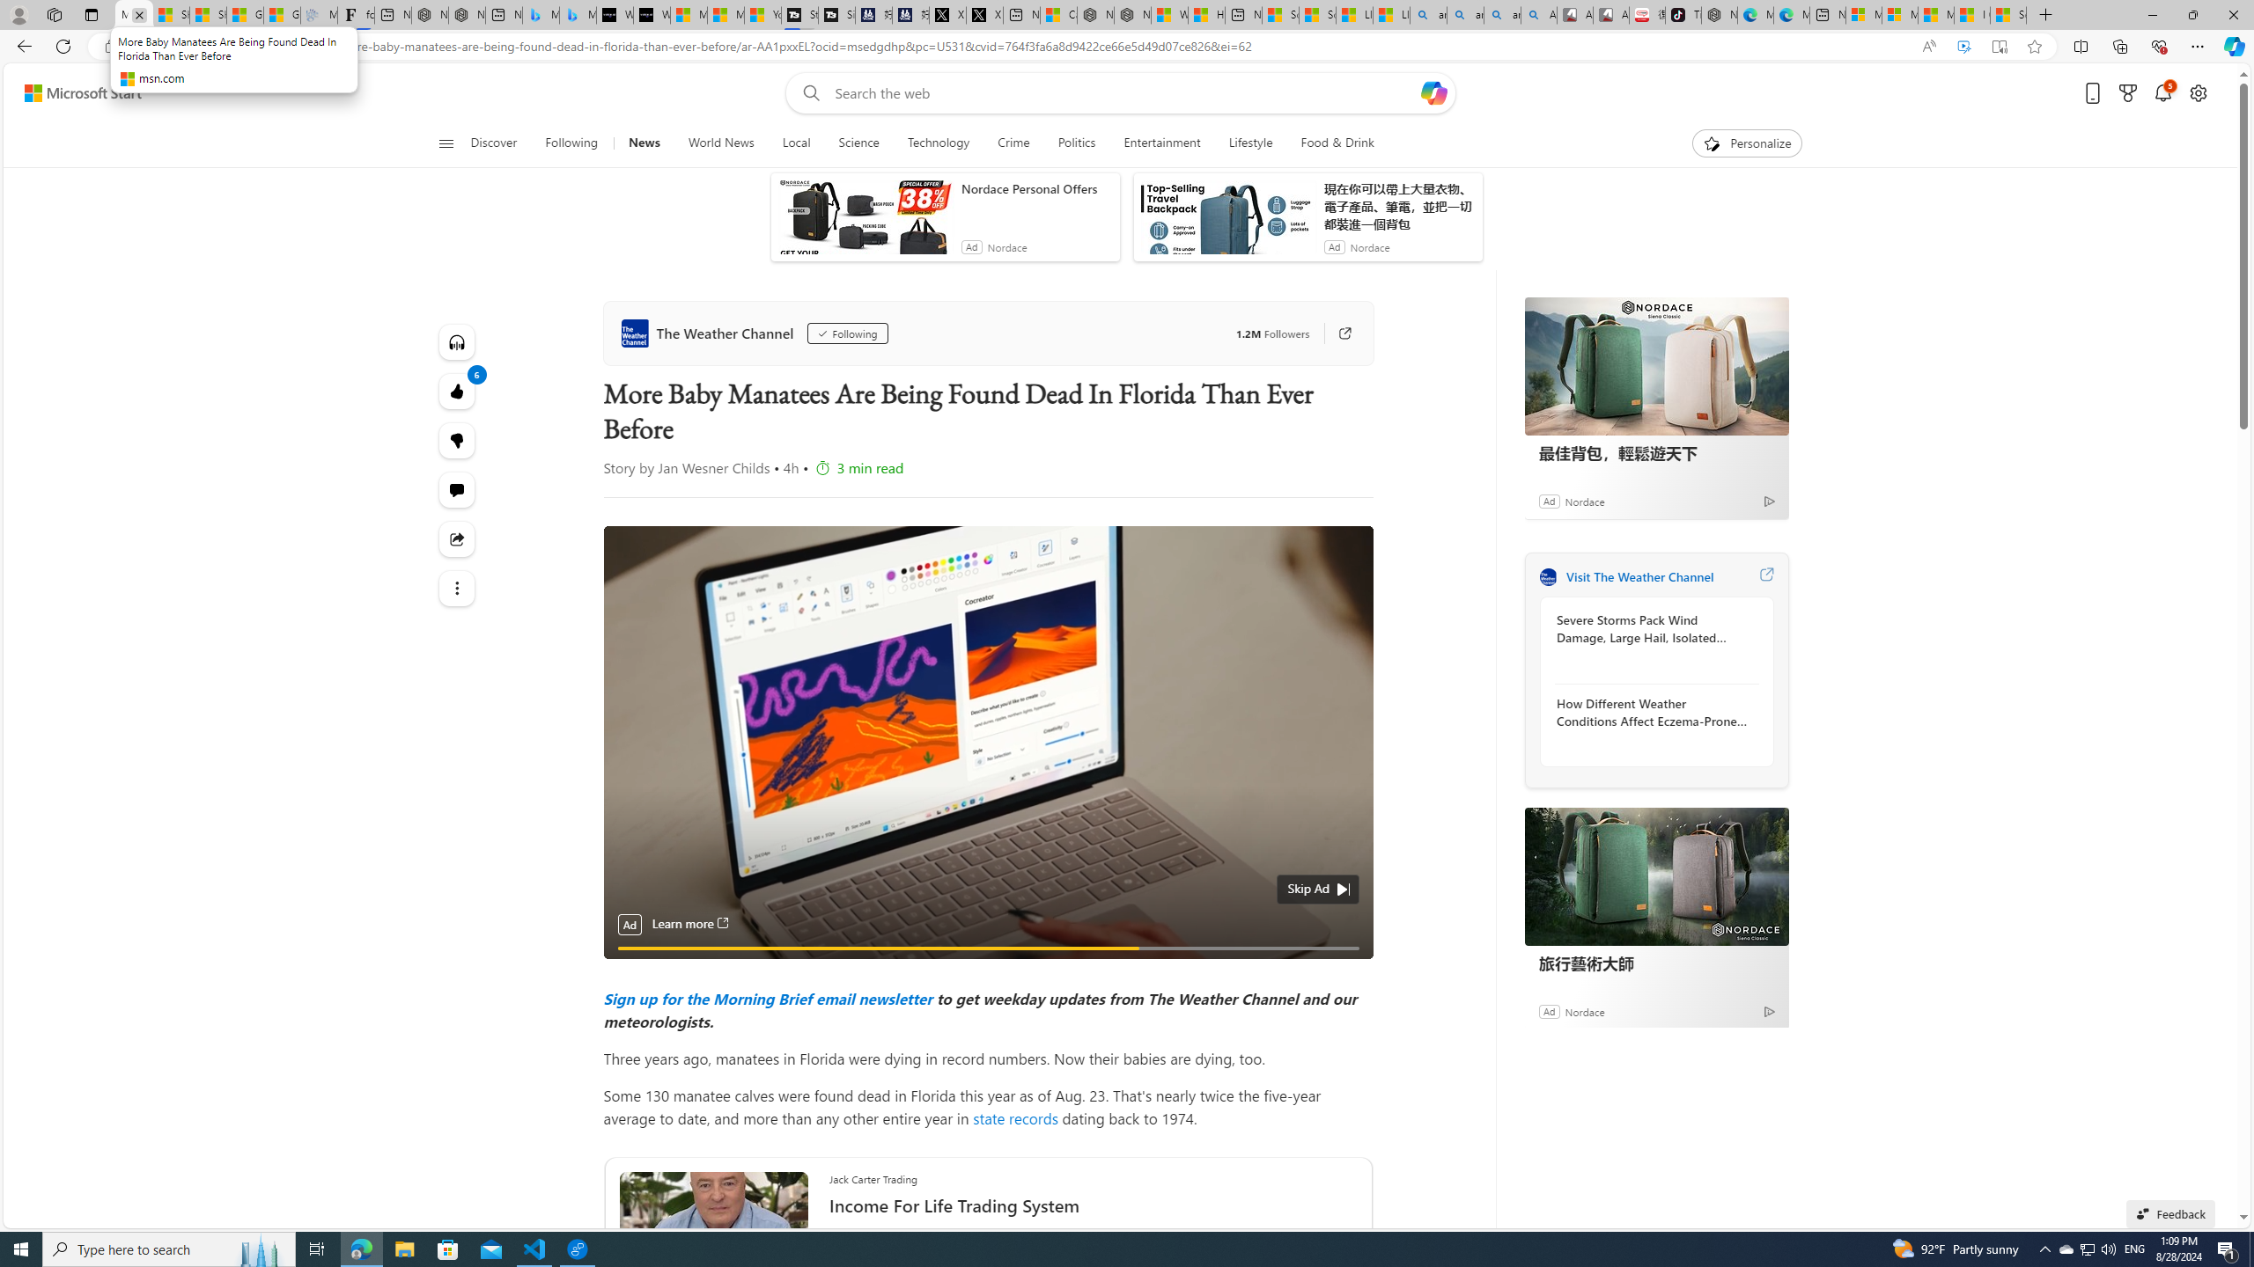 This screenshot has width=2254, height=1267. What do you see at coordinates (1330, 143) in the screenshot?
I see `'Food & Drink'` at bounding box center [1330, 143].